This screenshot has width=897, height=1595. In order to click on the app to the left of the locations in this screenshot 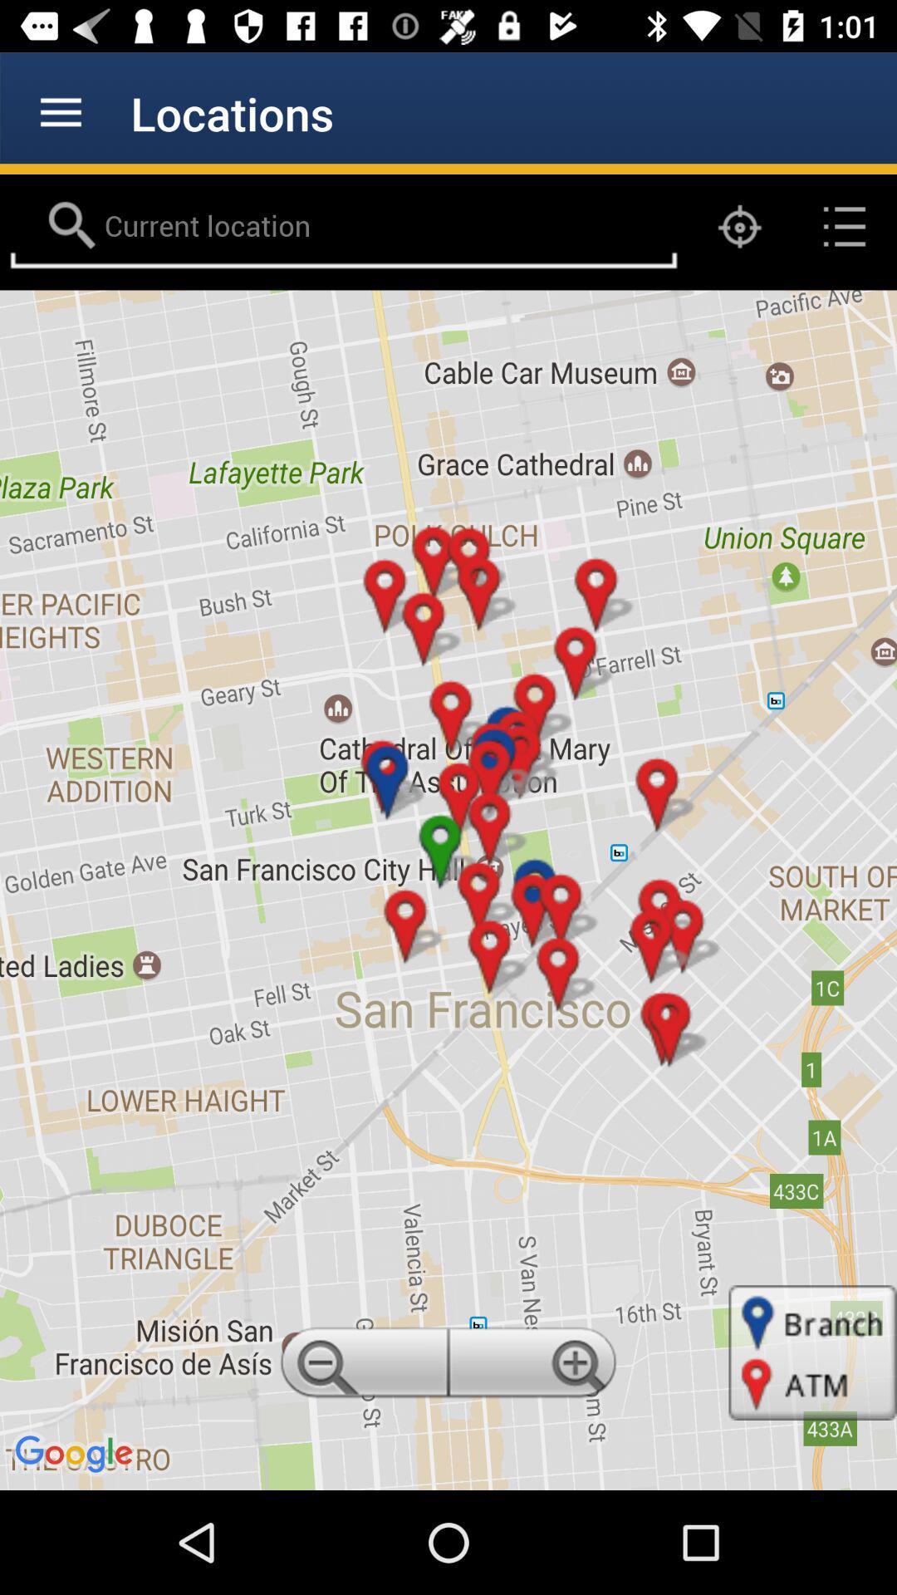, I will do `click(60, 112)`.